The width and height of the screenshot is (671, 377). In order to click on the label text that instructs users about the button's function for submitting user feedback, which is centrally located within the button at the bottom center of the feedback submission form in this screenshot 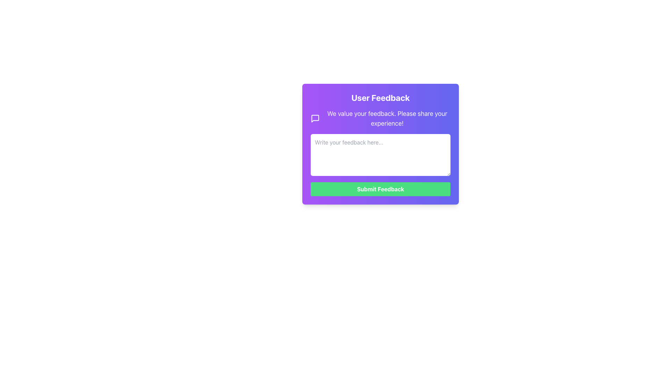, I will do `click(380, 189)`.